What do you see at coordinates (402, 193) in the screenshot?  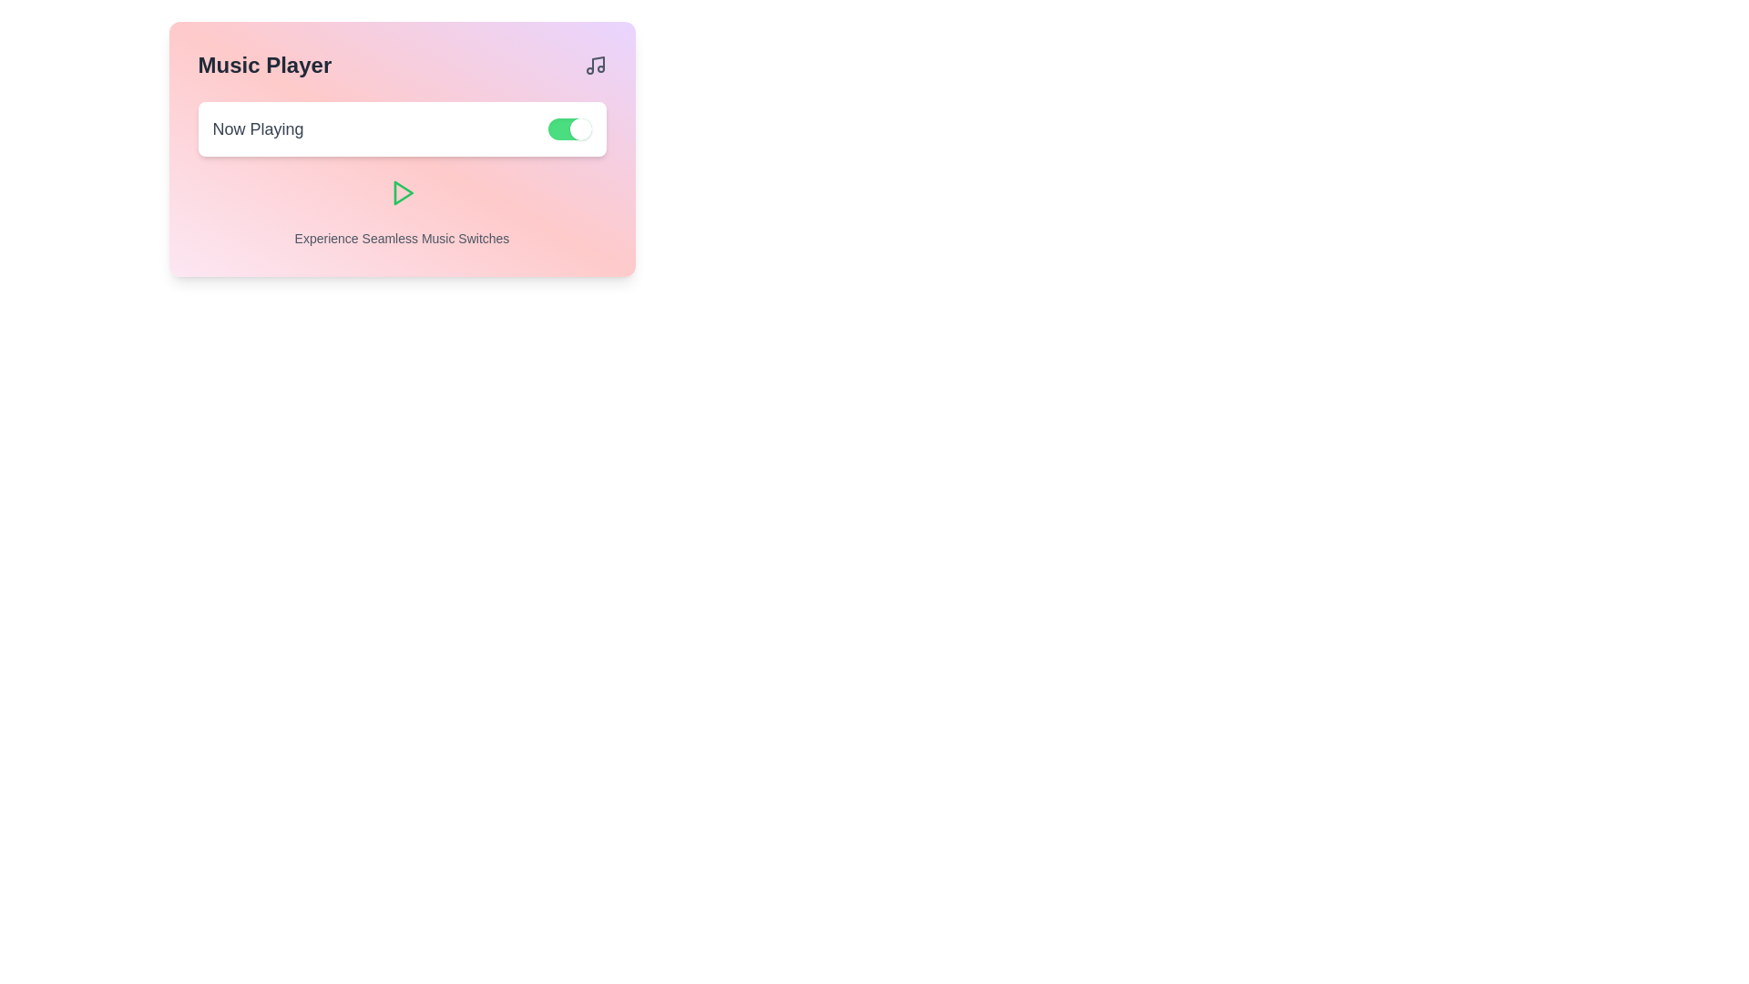 I see `the triangular play button icon, which is styled with a green stroke on a pink background` at bounding box center [402, 193].